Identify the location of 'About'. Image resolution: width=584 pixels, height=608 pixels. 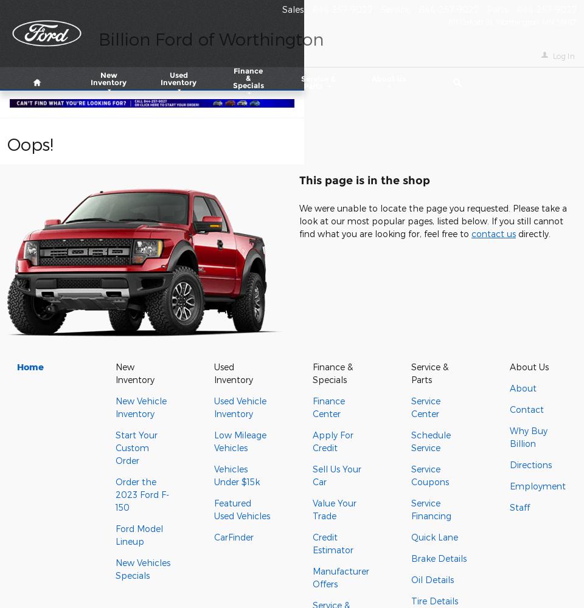
(522, 388).